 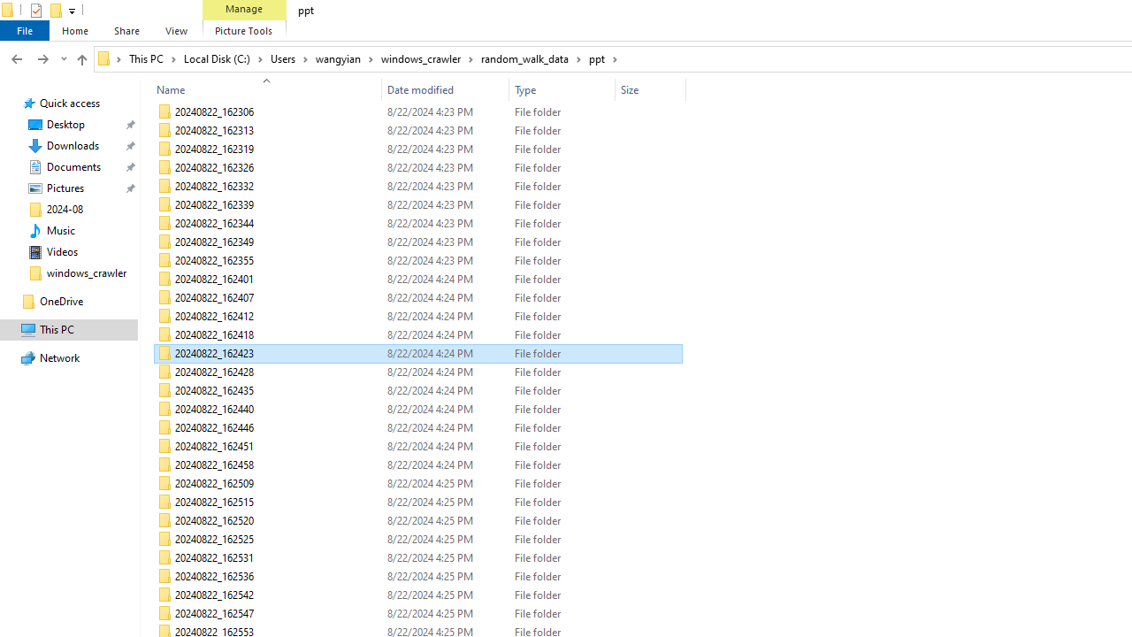 I want to click on '20240822_162319', so click(x=417, y=148).